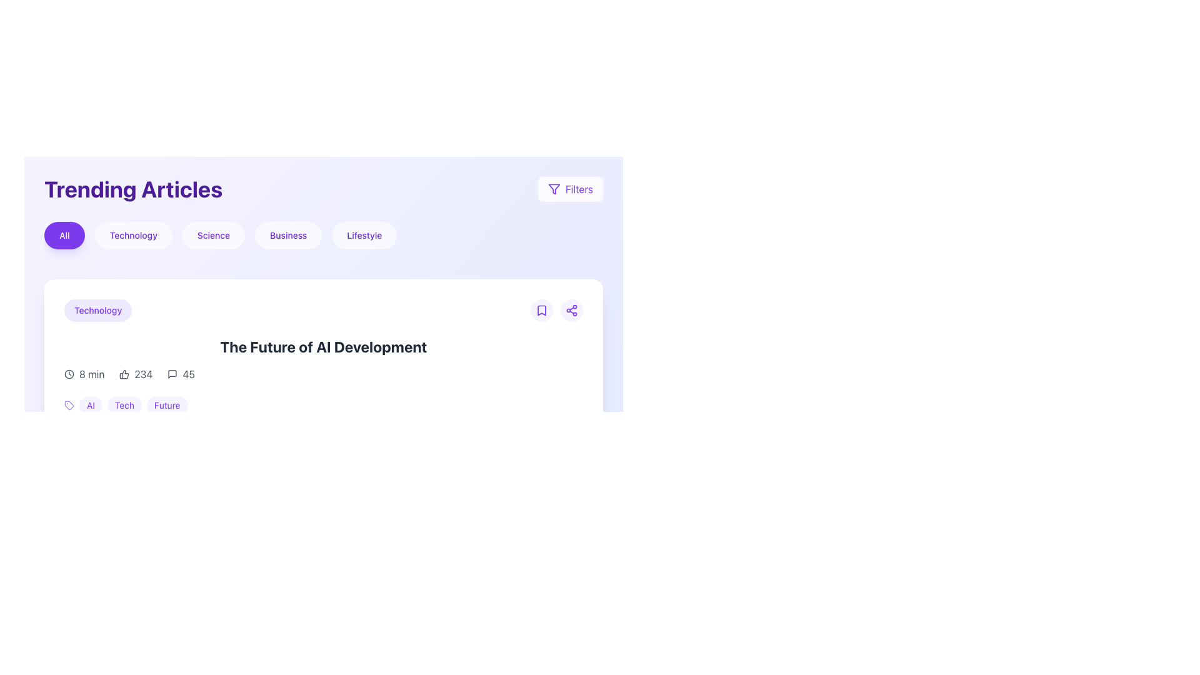  What do you see at coordinates (133, 189) in the screenshot?
I see `the 'Trending Articles' text label, which is styled in bold and large dark violet font at the top-left of the interface` at bounding box center [133, 189].